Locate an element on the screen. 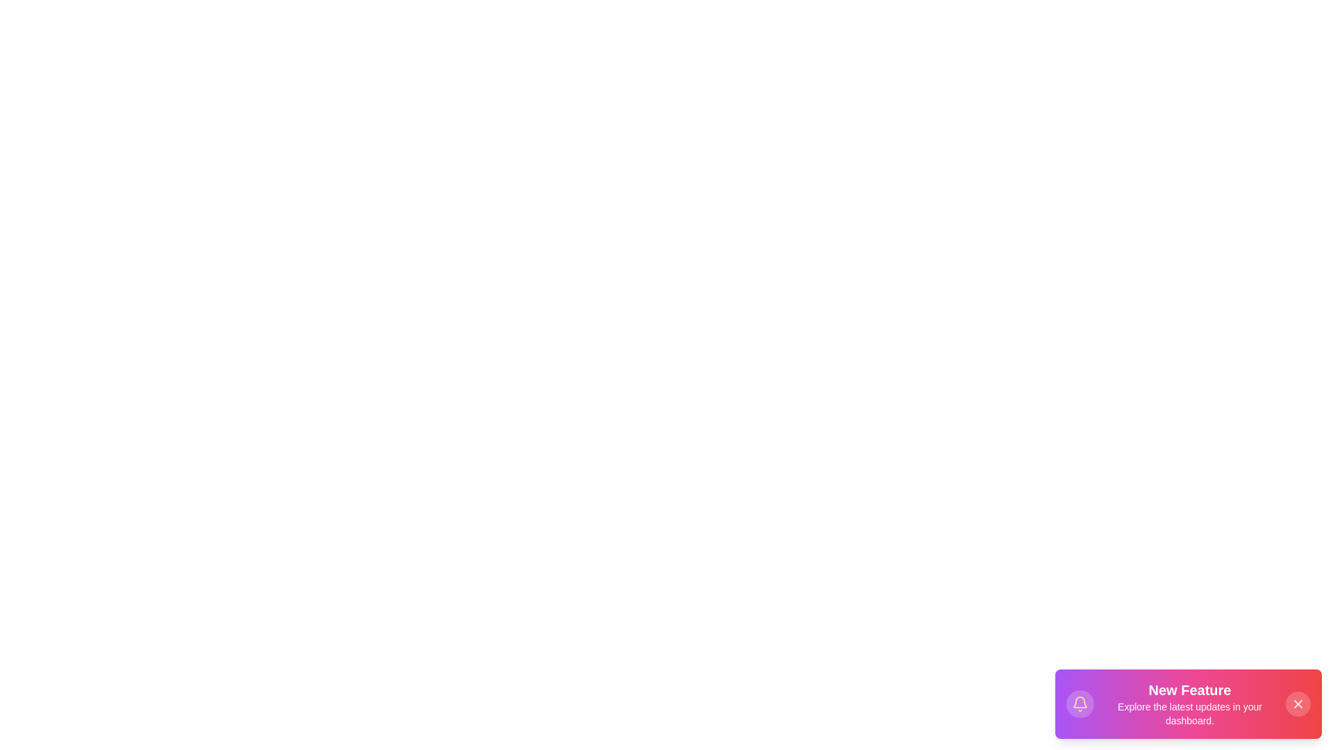 Image resolution: width=1333 pixels, height=750 pixels. the close button of the StylishSnackbar to close it is located at coordinates (1298, 704).